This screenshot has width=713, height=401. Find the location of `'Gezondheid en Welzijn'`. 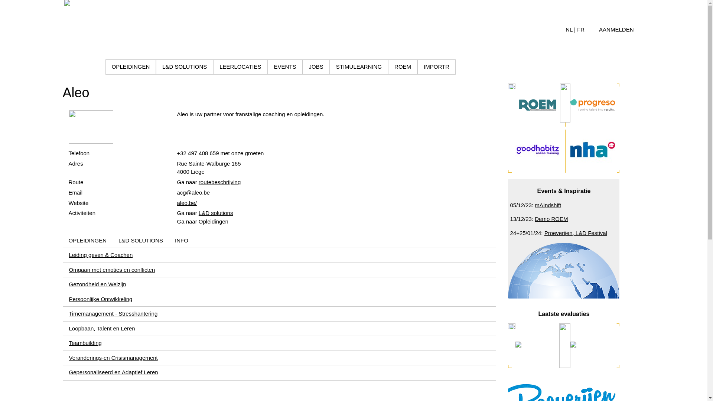

'Gezondheid en Welzijn' is located at coordinates (97, 284).